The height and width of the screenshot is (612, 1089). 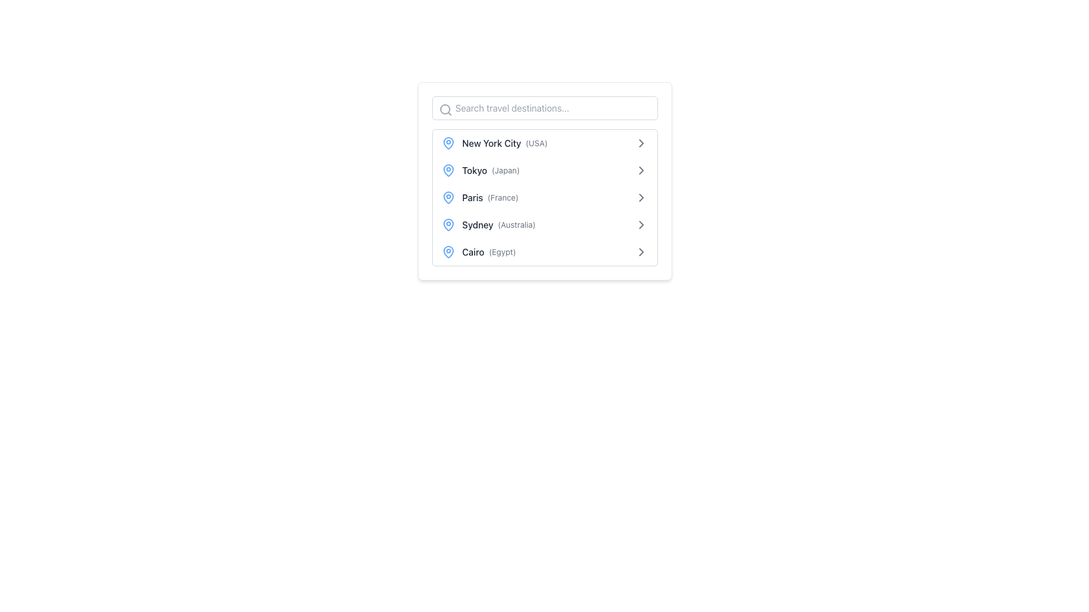 I want to click on the circular component of the search icon located at the top left corner inside the search bar area, so click(x=445, y=109).